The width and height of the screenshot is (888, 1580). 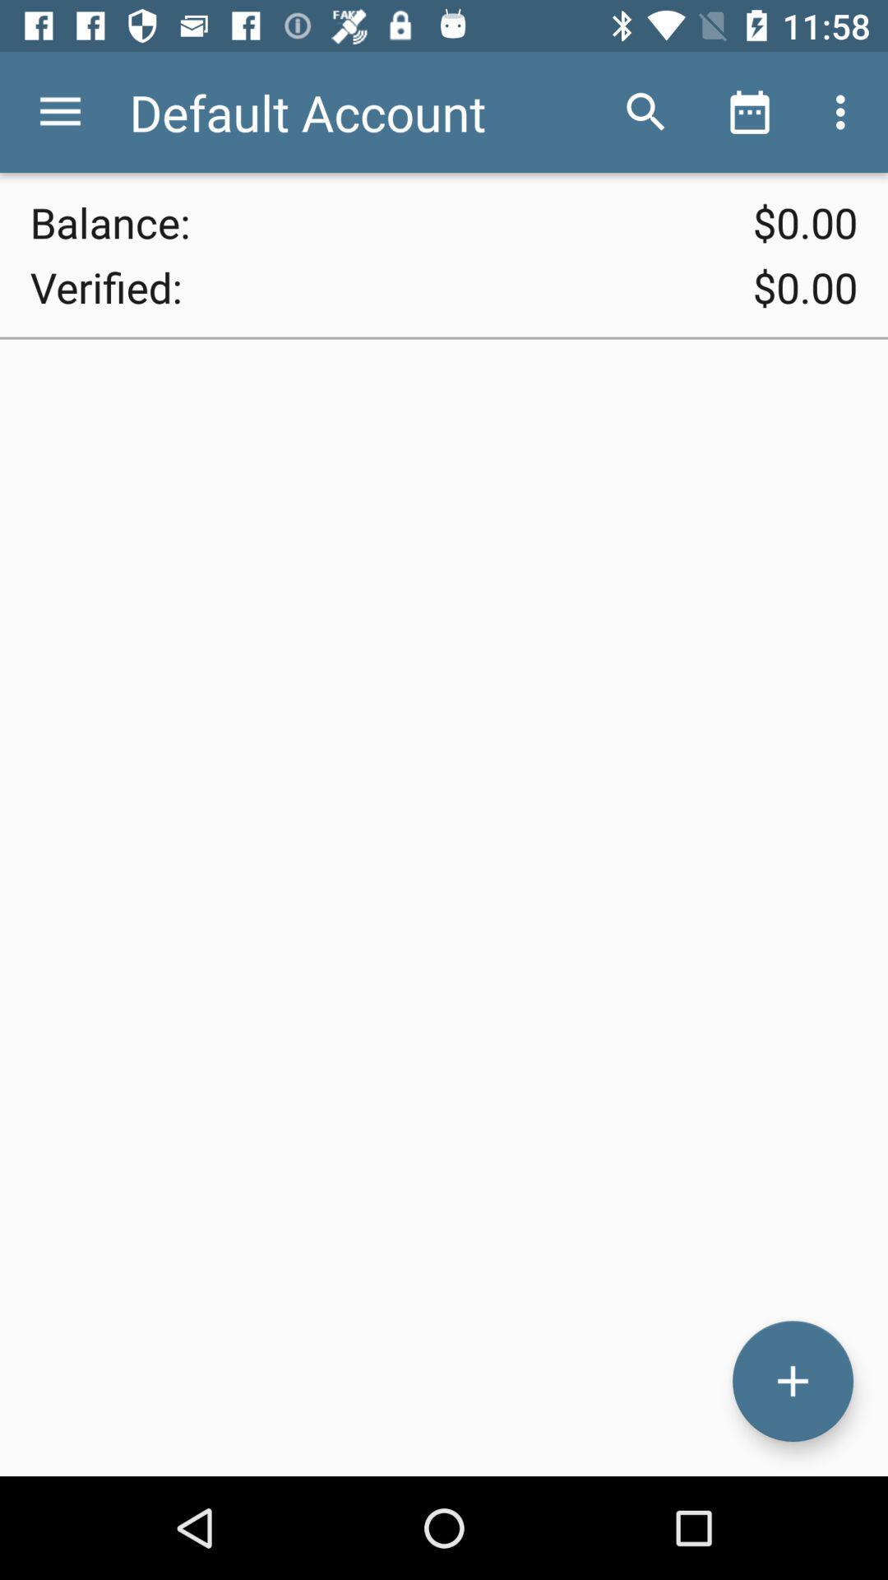 I want to click on the item above the $0.00, so click(x=844, y=111).